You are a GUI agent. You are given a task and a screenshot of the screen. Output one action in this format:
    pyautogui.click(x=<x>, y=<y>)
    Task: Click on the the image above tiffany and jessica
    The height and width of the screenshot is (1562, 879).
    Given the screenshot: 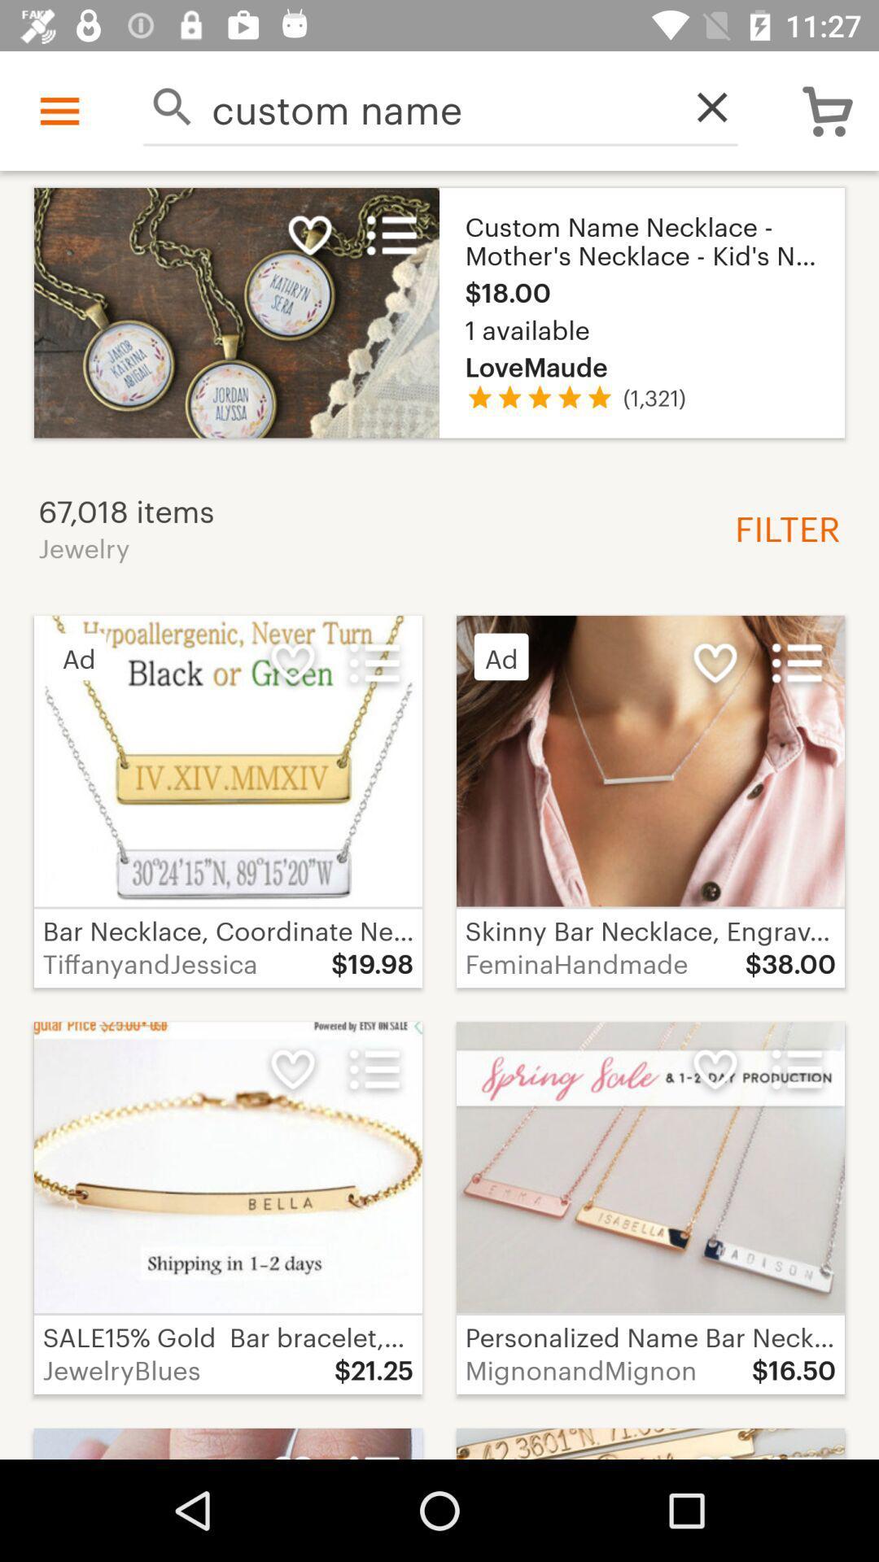 What is the action you would take?
    pyautogui.click(x=228, y=761)
    